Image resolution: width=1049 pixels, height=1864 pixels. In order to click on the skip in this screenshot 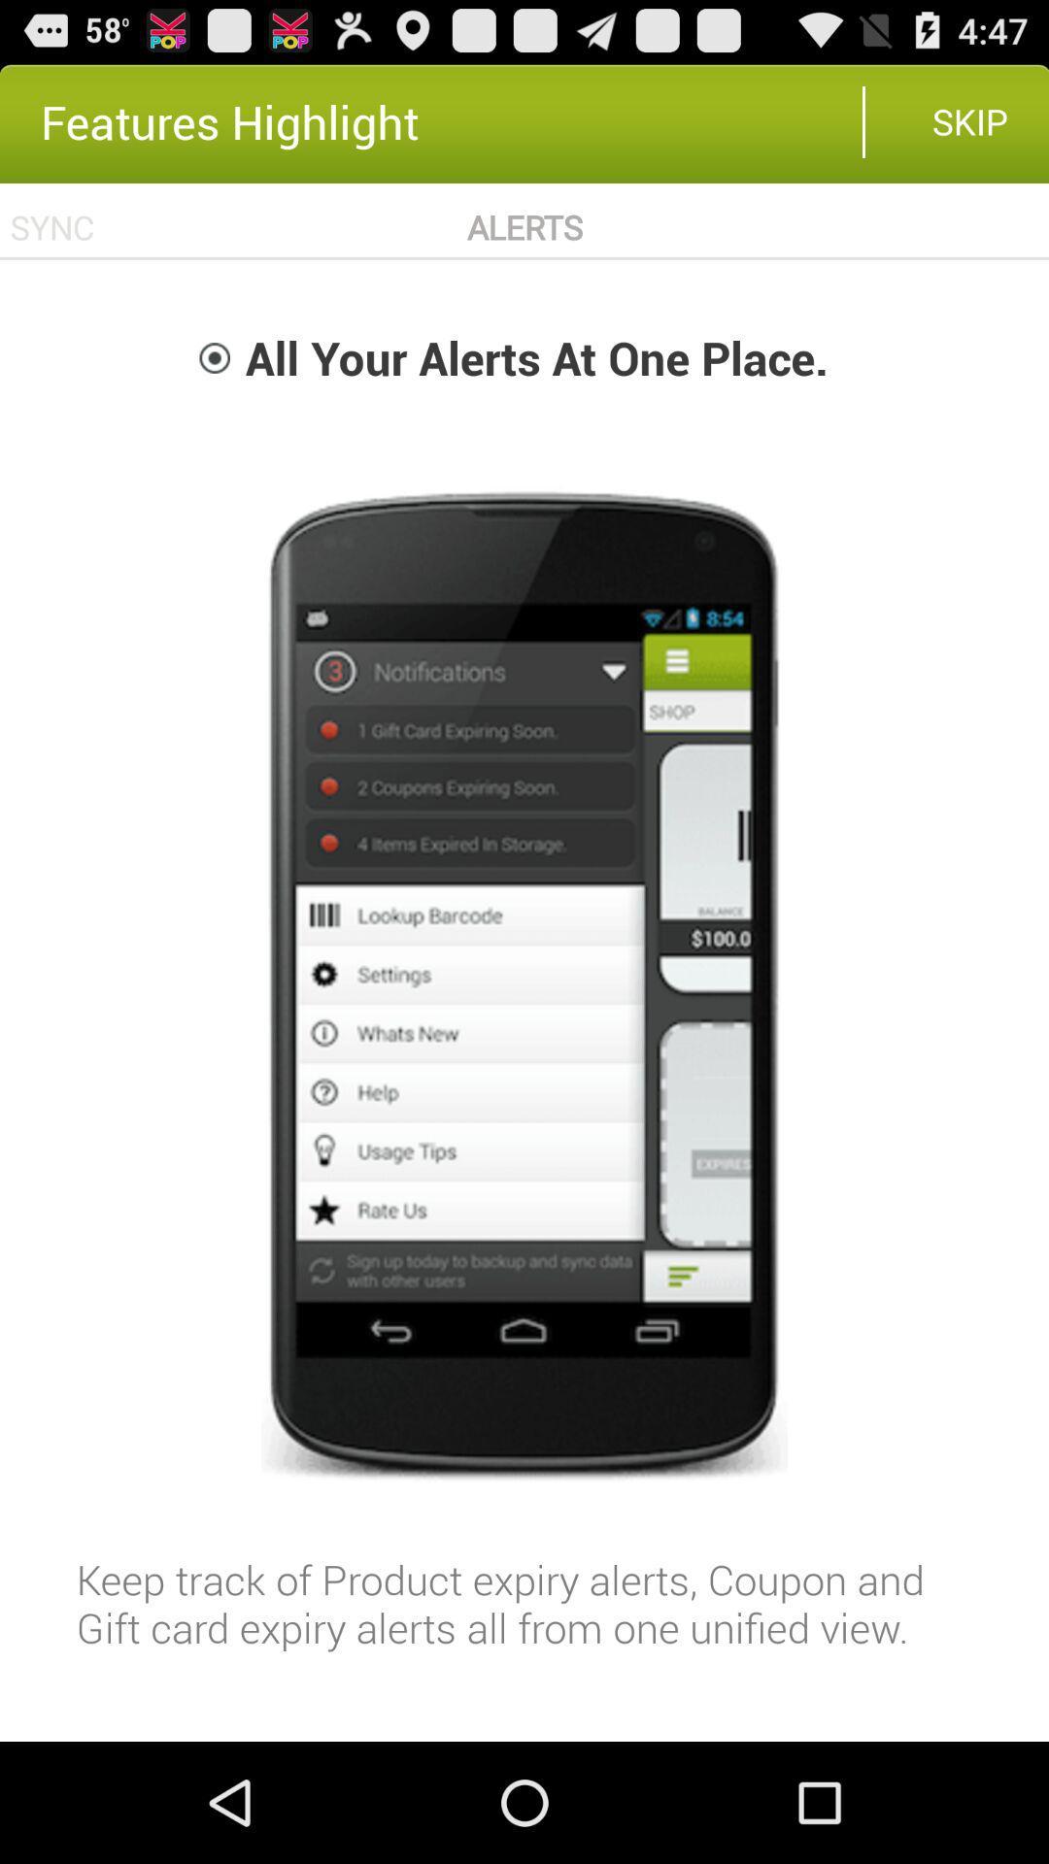, I will do `click(970, 120)`.